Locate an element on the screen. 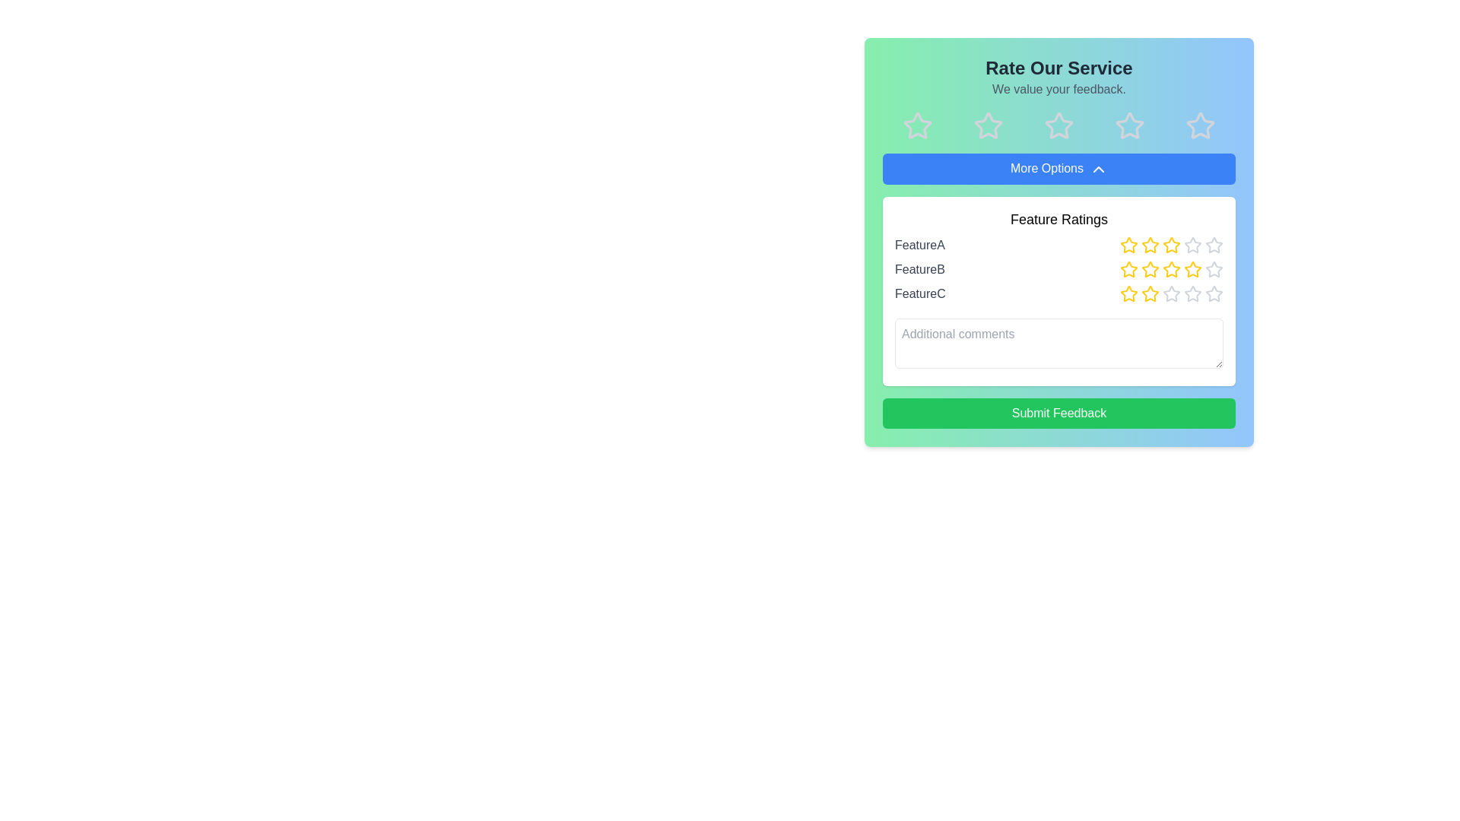 This screenshot has height=821, width=1460. the chevron SVG icon within the 'More Options' button is located at coordinates (1098, 169).